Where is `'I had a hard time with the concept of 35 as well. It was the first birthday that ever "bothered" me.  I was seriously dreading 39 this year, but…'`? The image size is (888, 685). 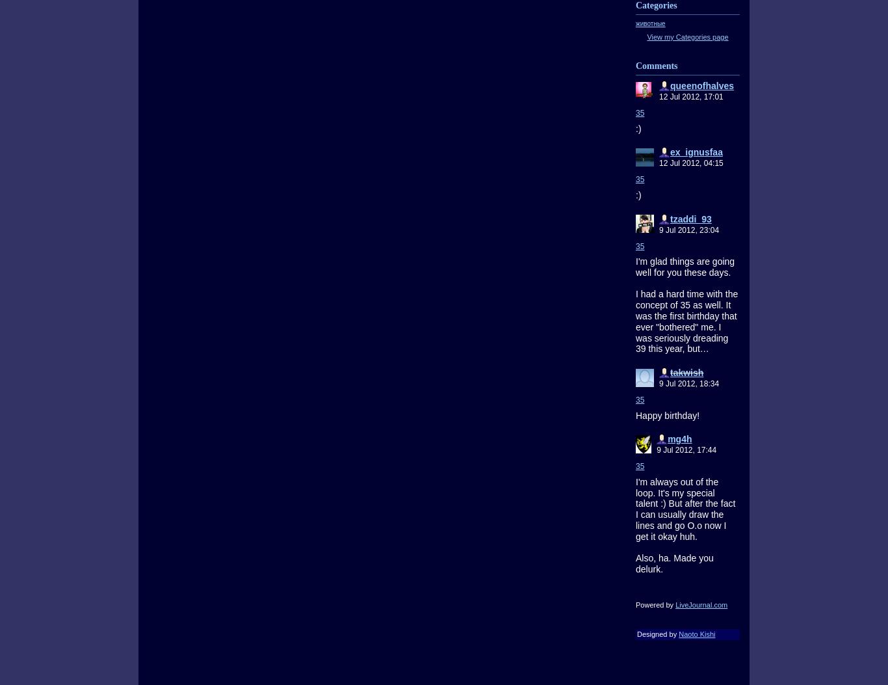 'I had a hard time with the concept of 35 as well. It was the first birthday that ever "bothered" me.  I was seriously dreading 39 this year, but…' is located at coordinates (686, 321).